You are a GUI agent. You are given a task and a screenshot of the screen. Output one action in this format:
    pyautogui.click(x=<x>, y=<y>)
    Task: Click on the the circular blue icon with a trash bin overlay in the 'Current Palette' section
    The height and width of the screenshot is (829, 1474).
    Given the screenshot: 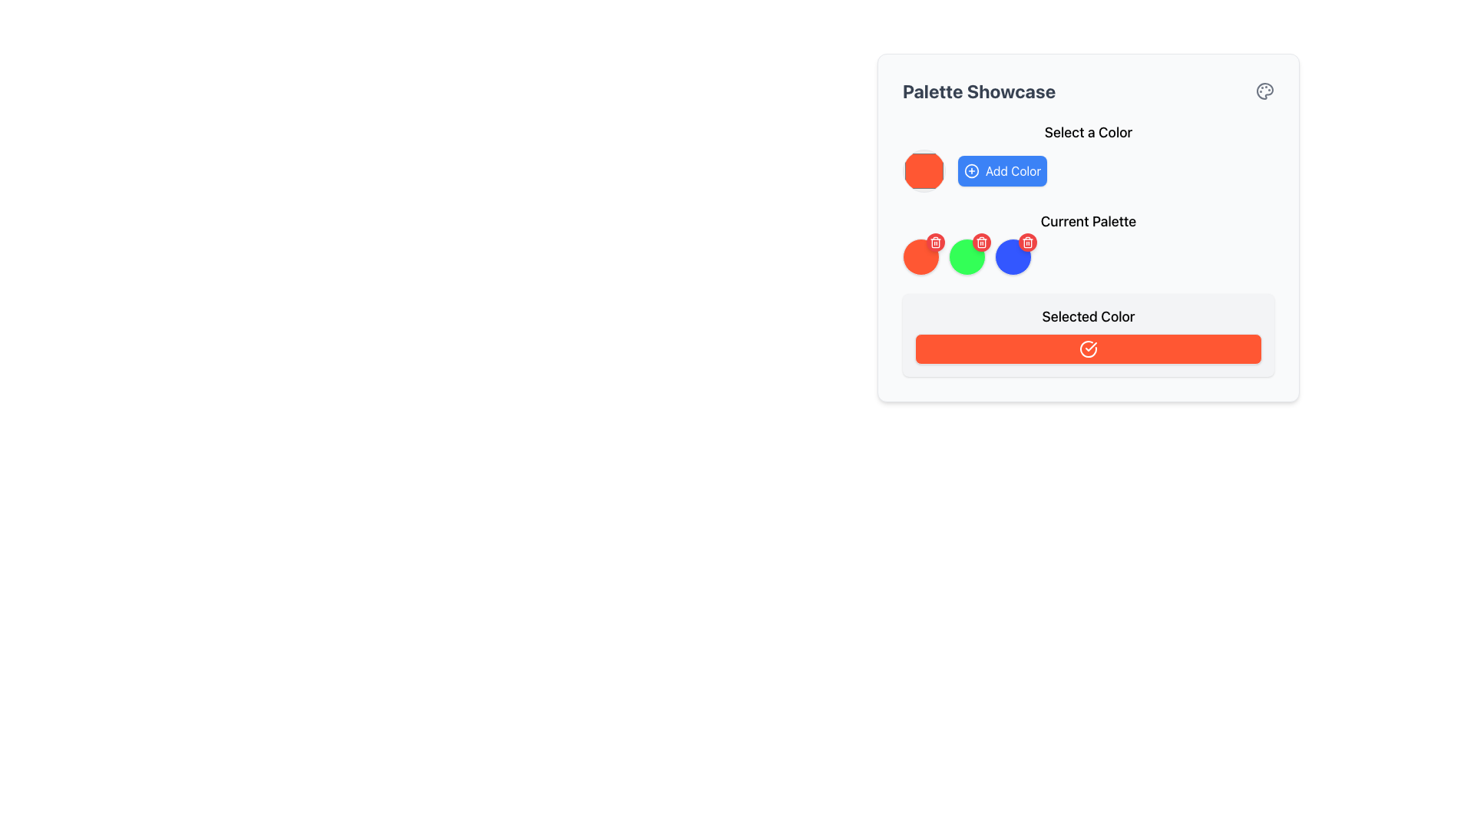 What is the action you would take?
    pyautogui.click(x=1013, y=256)
    